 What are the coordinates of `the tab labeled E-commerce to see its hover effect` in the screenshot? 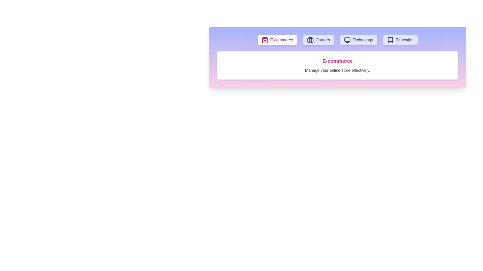 It's located at (277, 40).